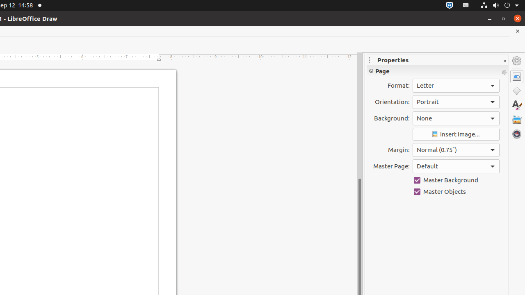  What do you see at coordinates (504, 61) in the screenshot?
I see `'Close Sidebar Deck'` at bounding box center [504, 61].